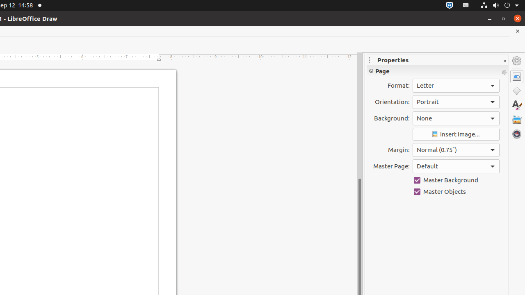  What do you see at coordinates (504, 61) in the screenshot?
I see `'Close Sidebar Deck'` at bounding box center [504, 61].